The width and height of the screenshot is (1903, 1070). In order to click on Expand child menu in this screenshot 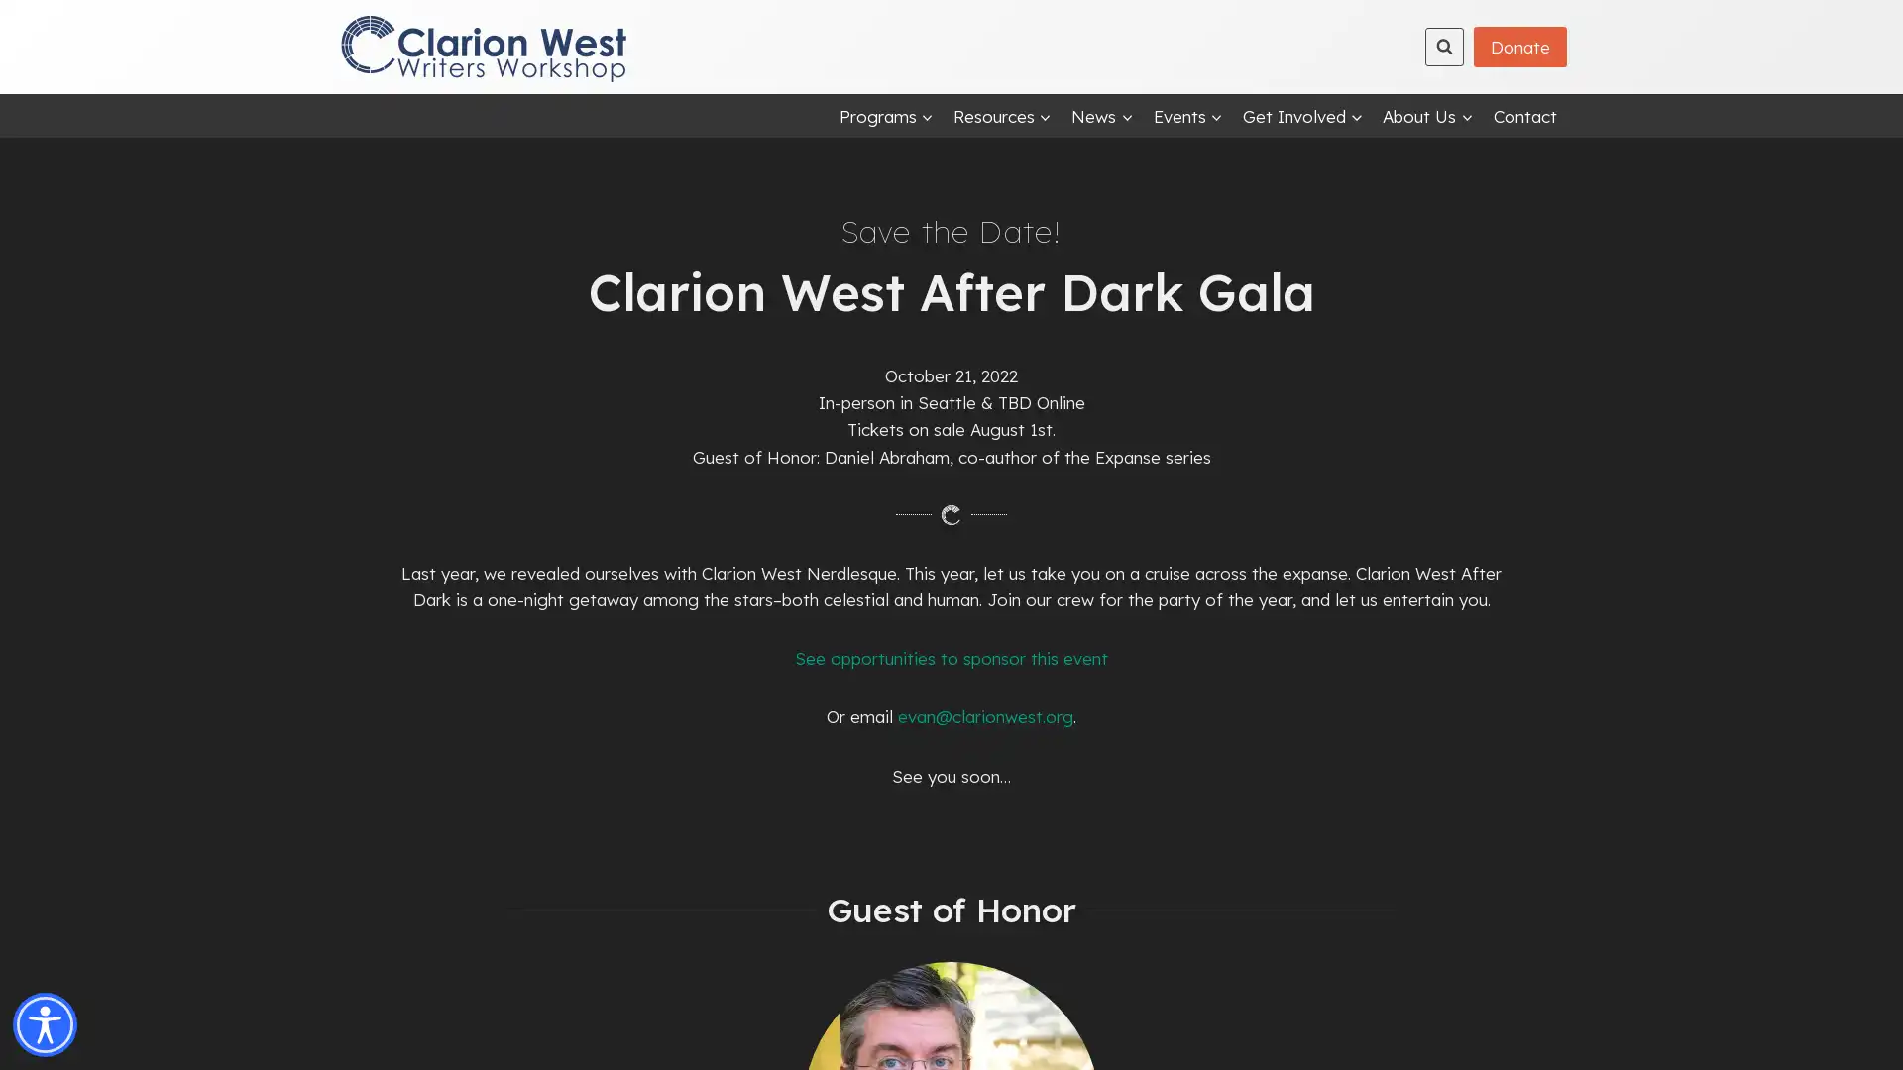, I will do `click(1101, 115)`.